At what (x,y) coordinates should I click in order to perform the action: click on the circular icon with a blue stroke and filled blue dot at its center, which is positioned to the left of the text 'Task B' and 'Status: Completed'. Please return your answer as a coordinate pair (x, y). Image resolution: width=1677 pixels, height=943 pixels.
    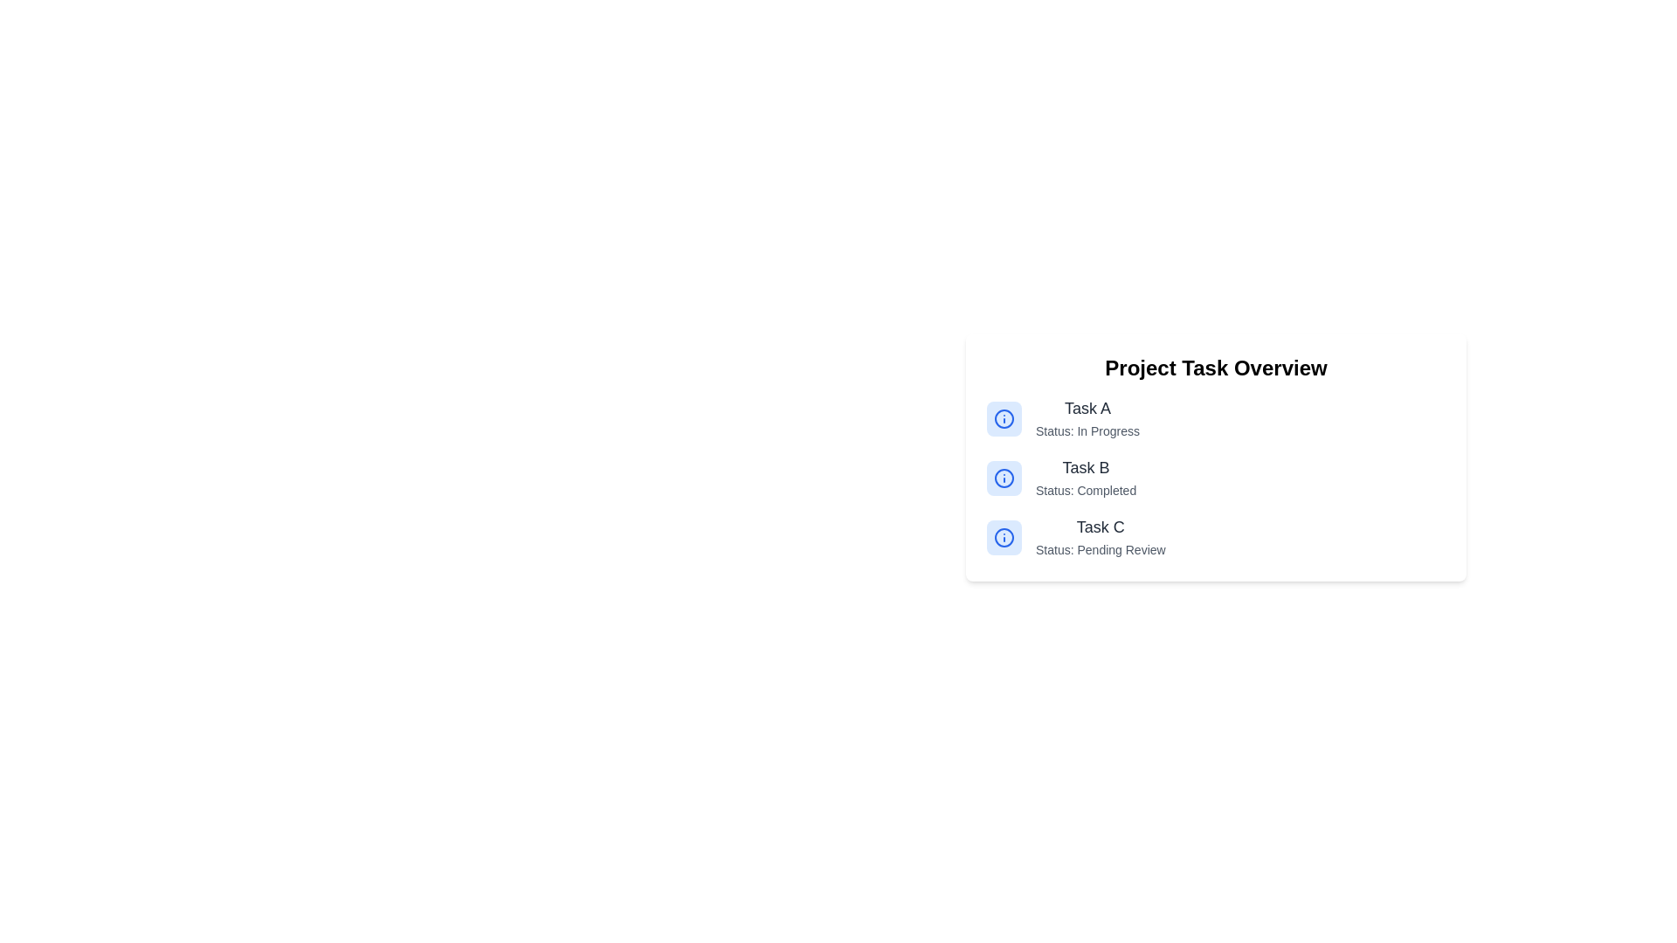
    Looking at the image, I should click on (1004, 478).